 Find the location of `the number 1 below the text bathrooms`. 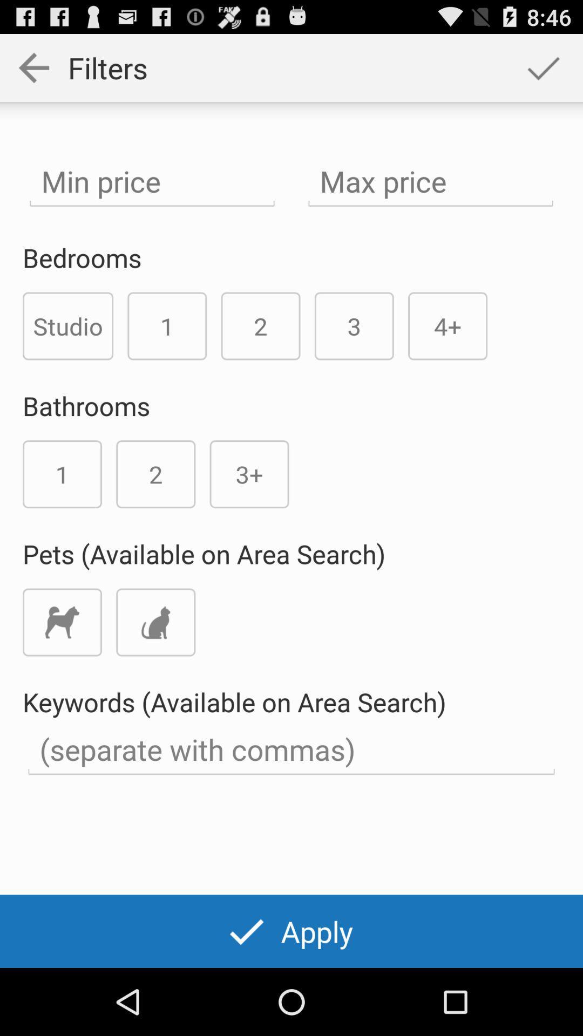

the number 1 below the text bathrooms is located at coordinates (62, 474).